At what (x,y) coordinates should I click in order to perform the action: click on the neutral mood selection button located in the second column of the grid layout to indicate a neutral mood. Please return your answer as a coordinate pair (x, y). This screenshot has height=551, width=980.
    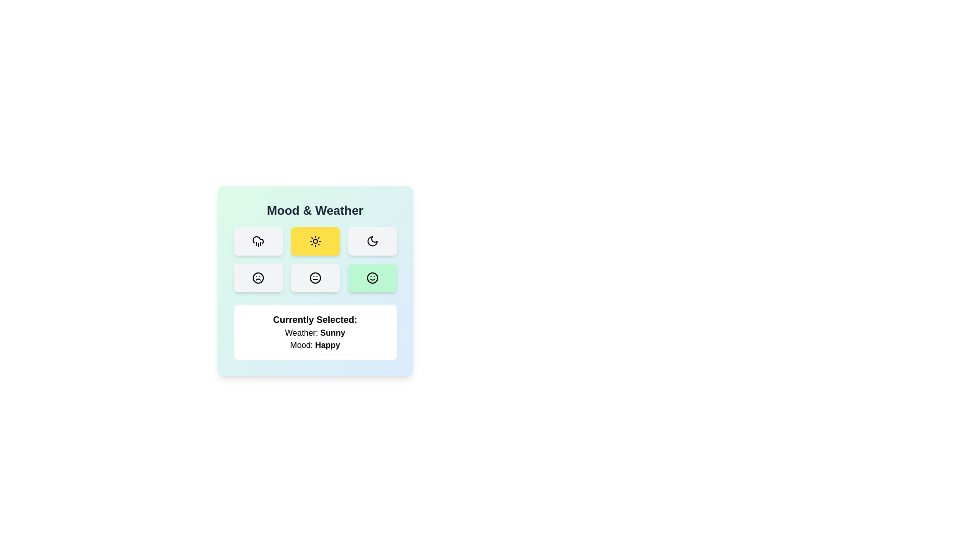
    Looking at the image, I should click on (314, 278).